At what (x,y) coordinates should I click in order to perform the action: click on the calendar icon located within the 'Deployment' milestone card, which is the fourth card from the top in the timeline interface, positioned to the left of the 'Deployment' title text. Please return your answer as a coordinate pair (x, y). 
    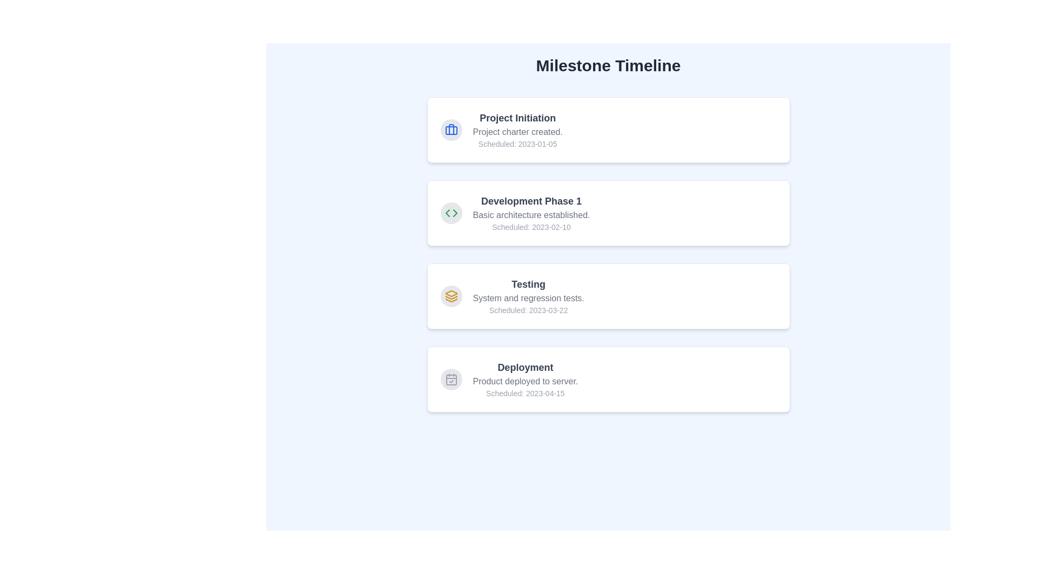
    Looking at the image, I should click on (451, 379).